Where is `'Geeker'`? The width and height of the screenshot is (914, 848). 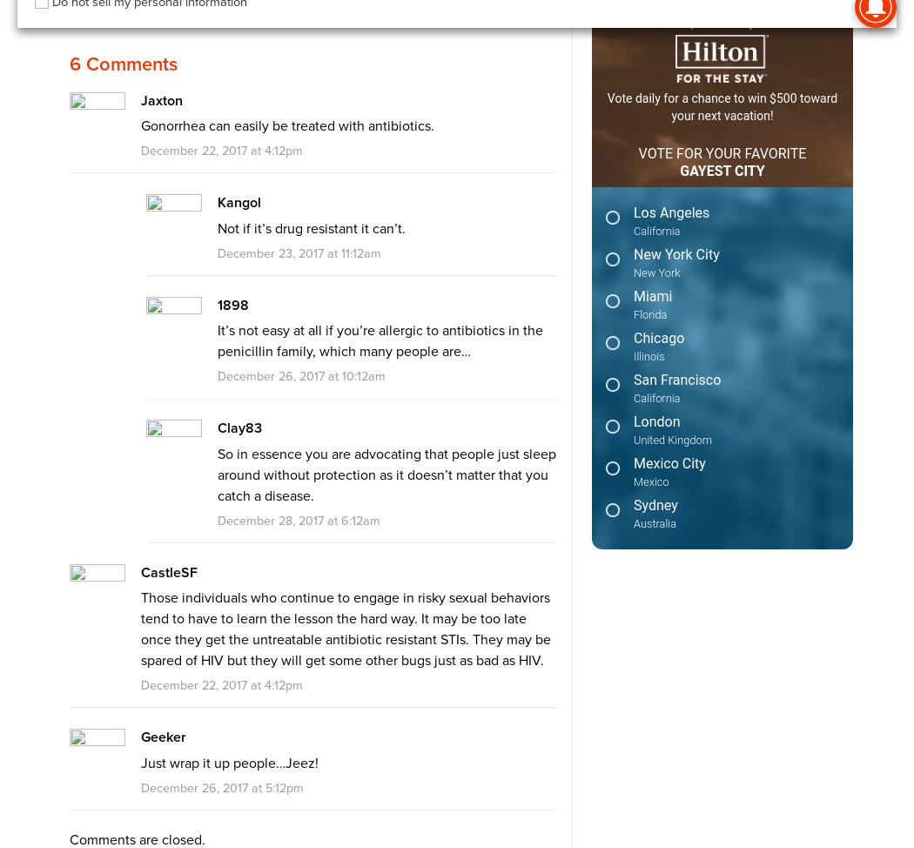
'Geeker' is located at coordinates (139, 737).